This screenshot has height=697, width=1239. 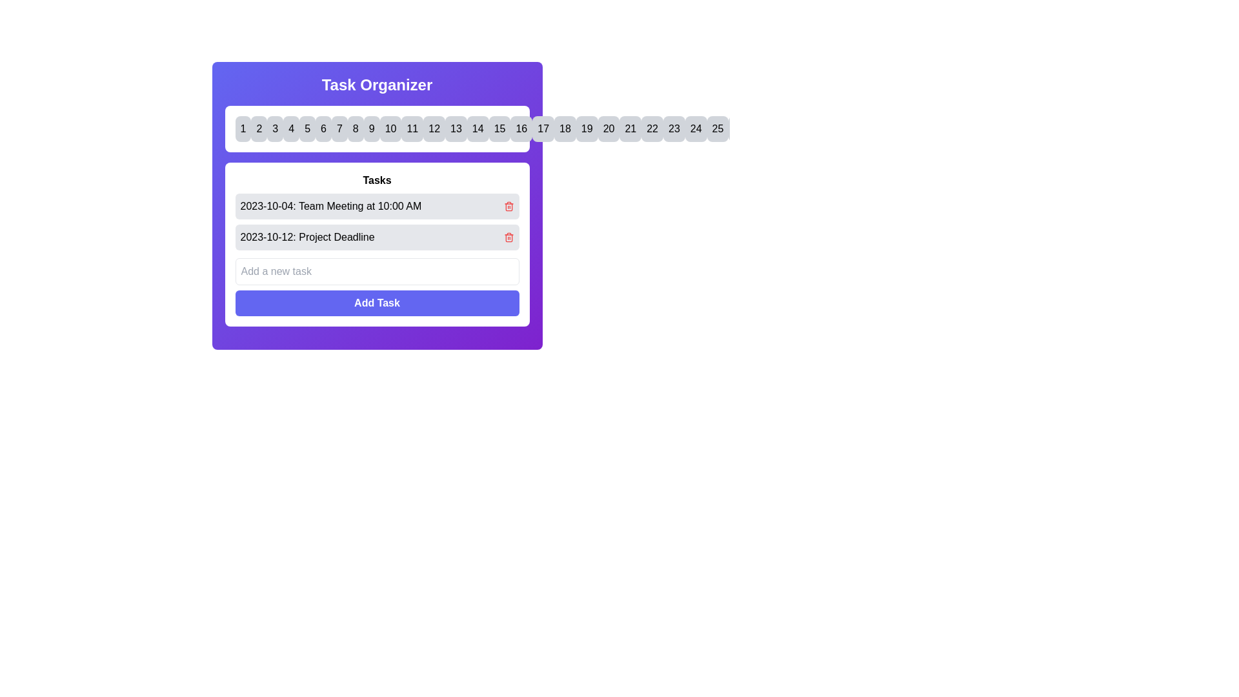 What do you see at coordinates (565, 129) in the screenshot?
I see `the button displaying the number '18' with a light gray background and bold black text` at bounding box center [565, 129].